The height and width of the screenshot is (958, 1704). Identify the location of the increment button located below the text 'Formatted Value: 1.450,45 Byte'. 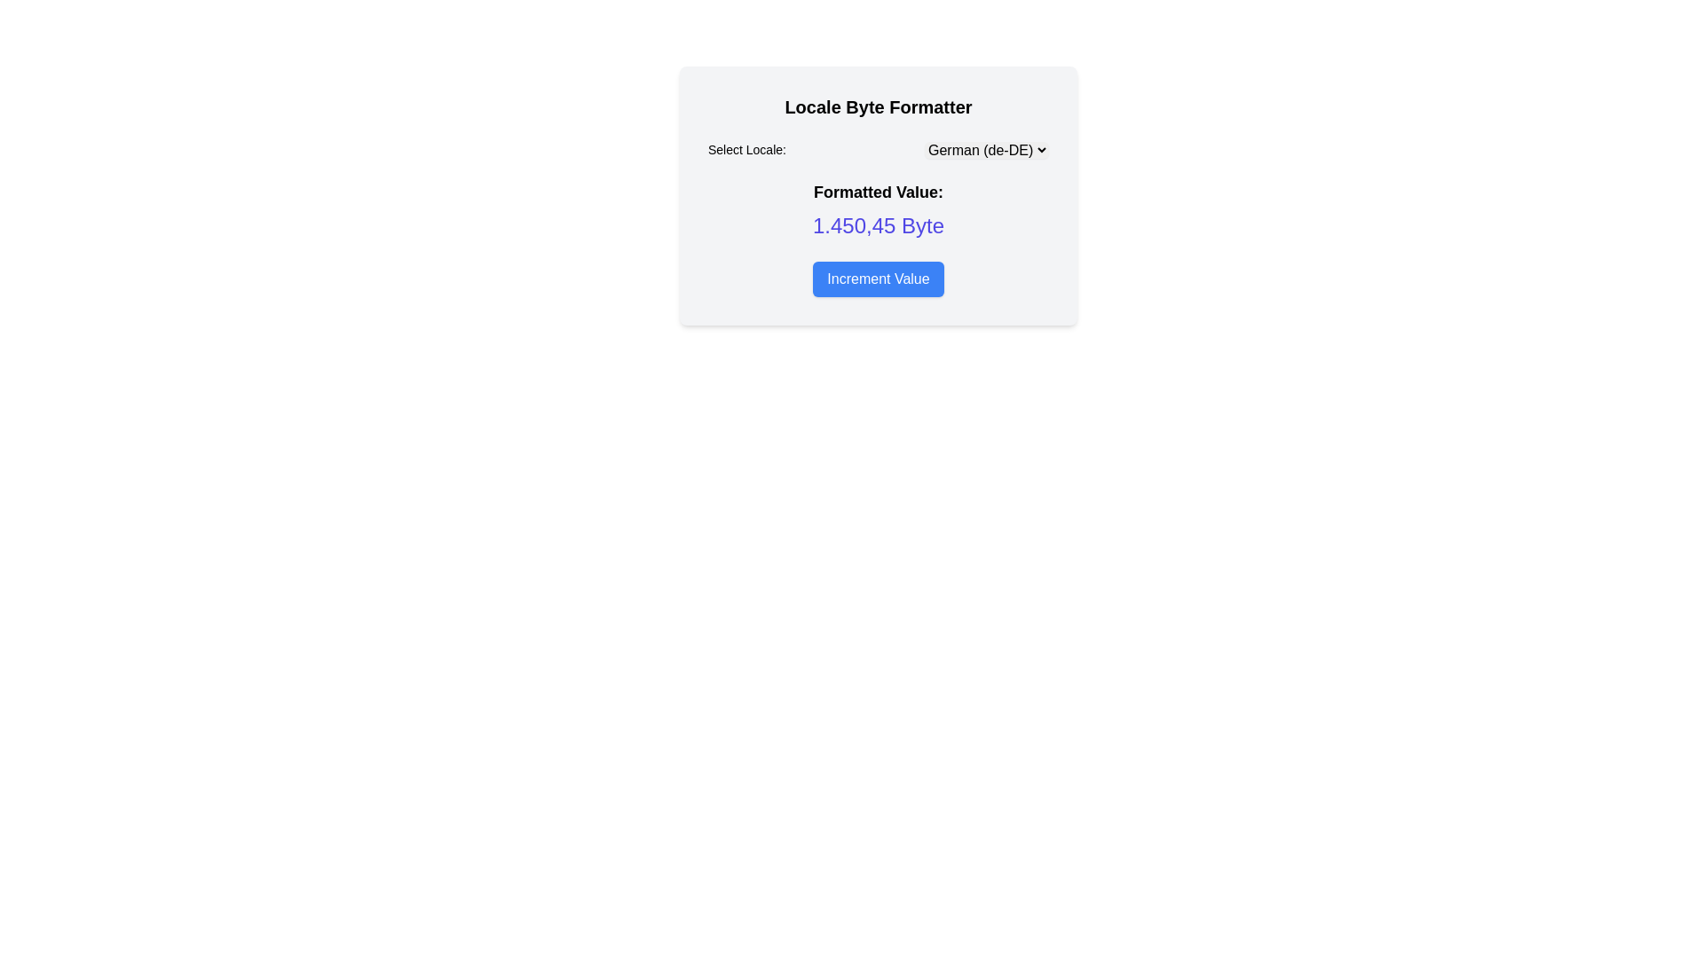
(878, 279).